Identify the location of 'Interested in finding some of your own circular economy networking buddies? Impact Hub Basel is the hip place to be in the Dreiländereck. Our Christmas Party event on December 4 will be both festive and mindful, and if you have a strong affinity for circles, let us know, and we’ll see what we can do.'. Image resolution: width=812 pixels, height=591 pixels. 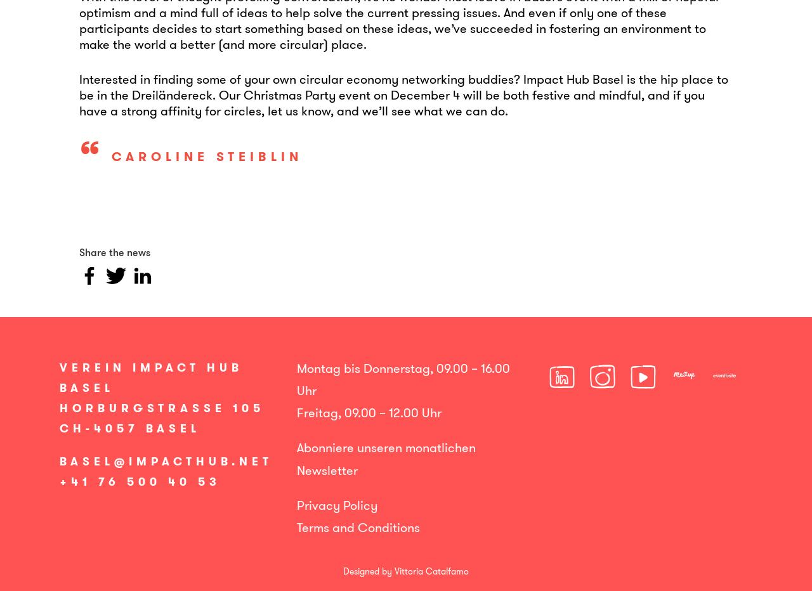
(403, 94).